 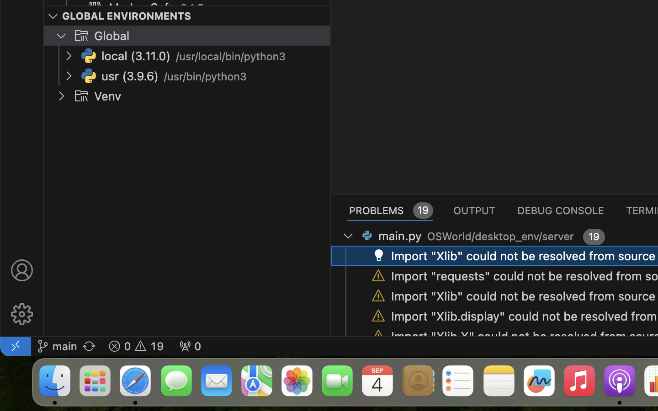 I want to click on 'Global', so click(x=111, y=36).